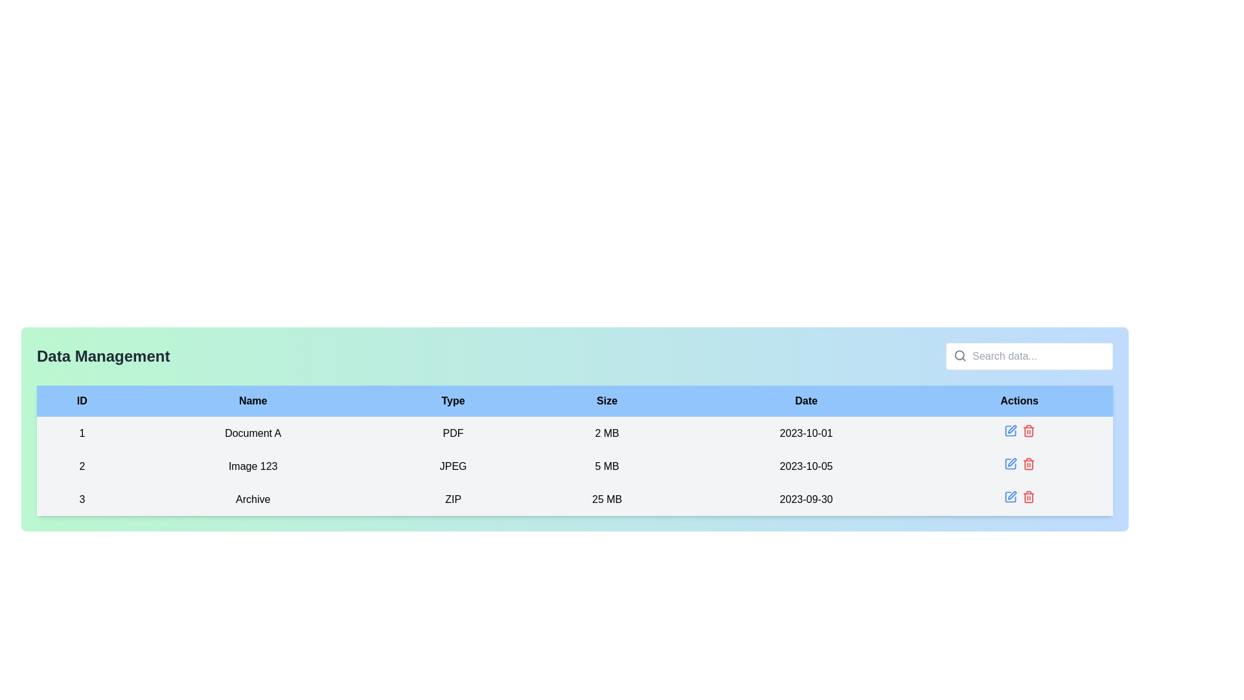  What do you see at coordinates (960, 355) in the screenshot?
I see `the magnifying glass icon representing the search function, located within the text input field labeled 'Search data...', positioned towards the top-right corner of the content area` at bounding box center [960, 355].